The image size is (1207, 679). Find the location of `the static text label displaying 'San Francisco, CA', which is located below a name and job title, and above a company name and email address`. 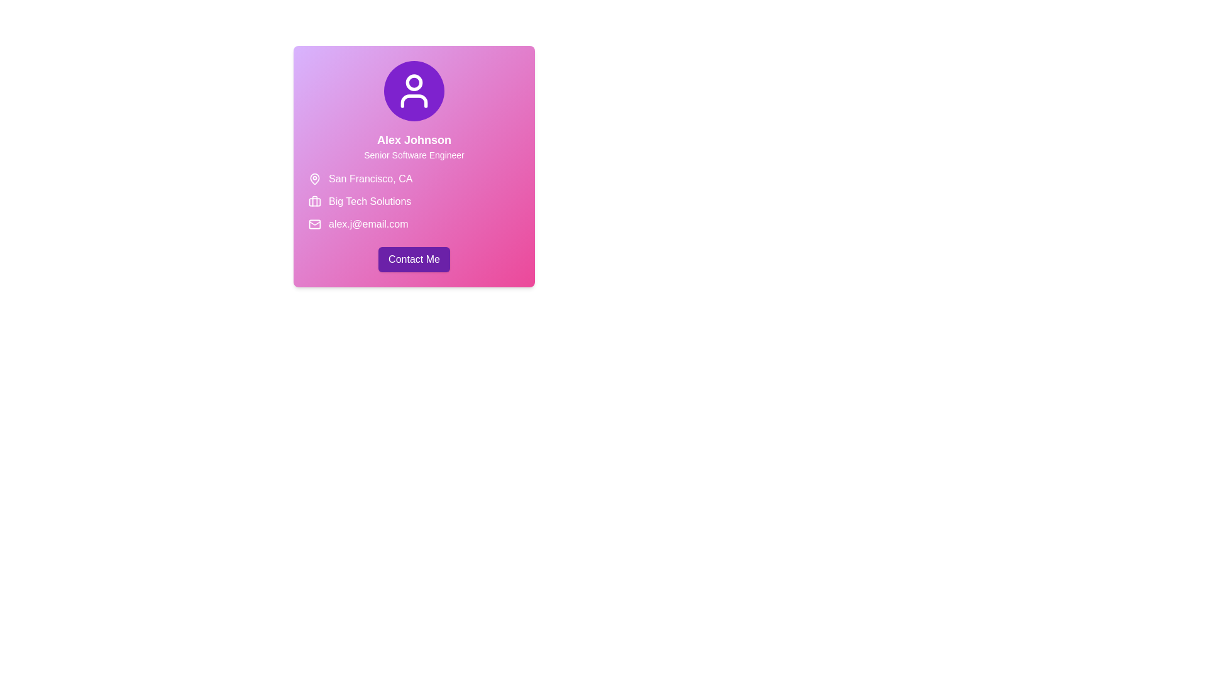

the static text label displaying 'San Francisco, CA', which is located below a name and job title, and above a company name and email address is located at coordinates (370, 179).